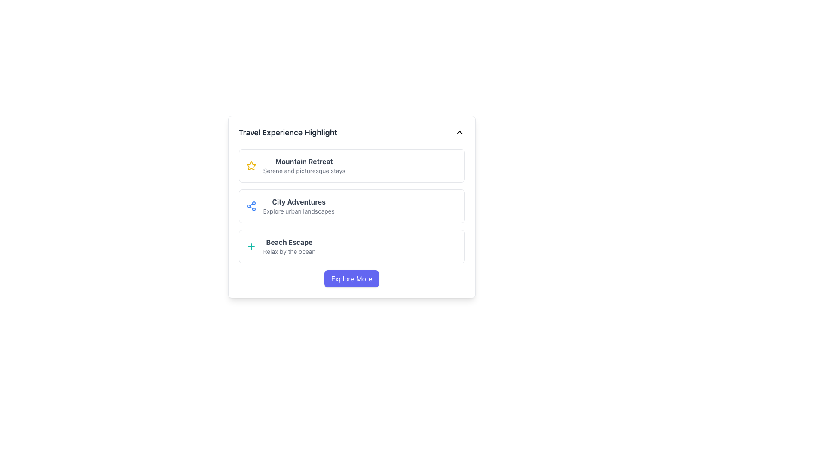 The image size is (825, 464). Describe the element at coordinates (289, 251) in the screenshot. I see `the static descriptive text that provides additional information about the 'Beach Escape' option, located within the card-like section labeled 'Beach Escape'` at that location.